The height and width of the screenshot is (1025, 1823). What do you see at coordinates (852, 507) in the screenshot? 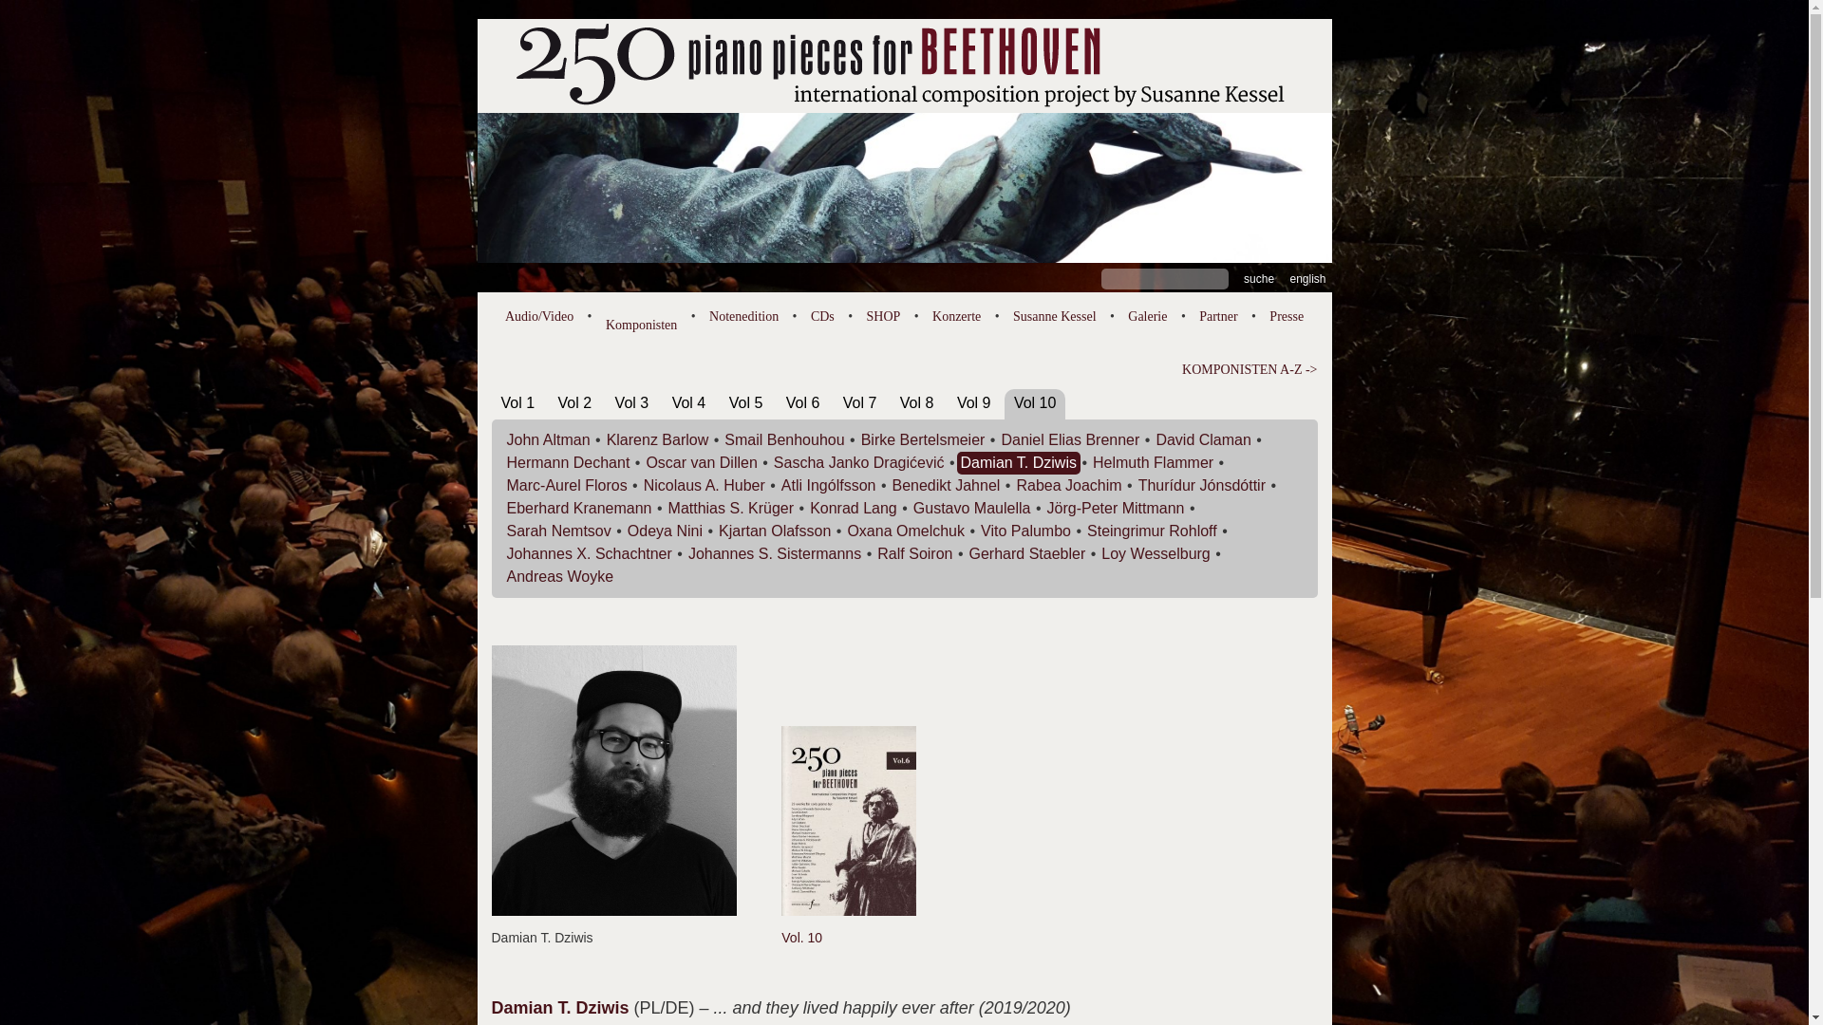
I see `'Konrad Lang'` at bounding box center [852, 507].